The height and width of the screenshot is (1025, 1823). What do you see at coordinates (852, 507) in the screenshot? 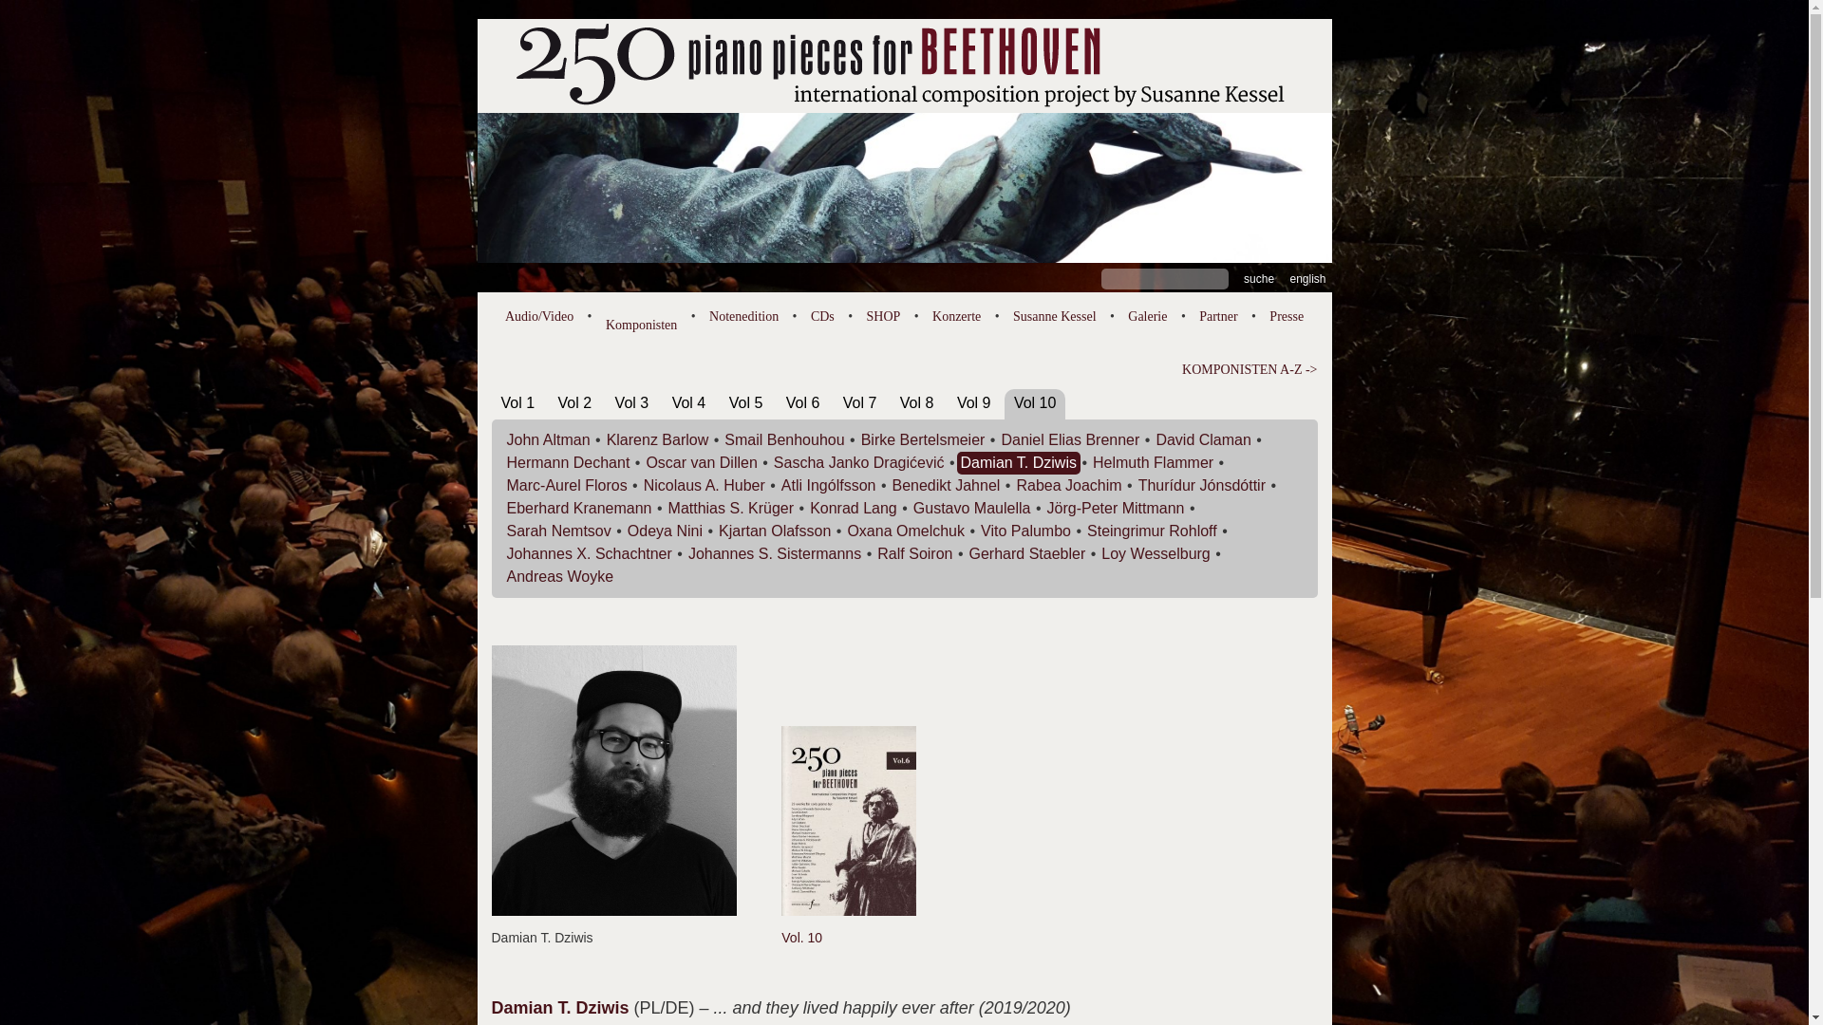
I see `'Konrad Lang'` at bounding box center [852, 507].